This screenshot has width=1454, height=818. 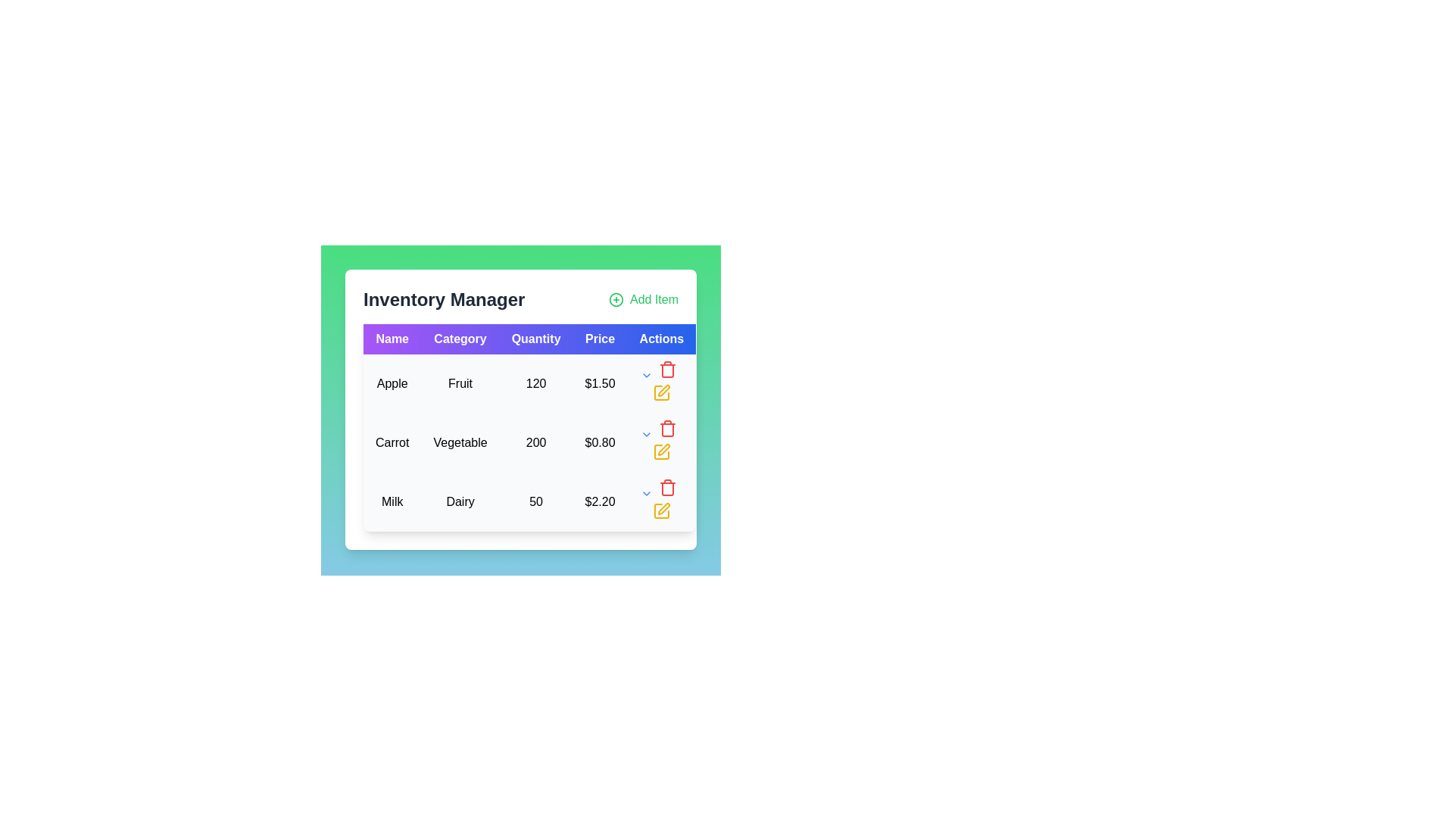 What do you see at coordinates (666, 370) in the screenshot?
I see `the trash can SVG icon located in the 'Actions' column of the third row of the table` at bounding box center [666, 370].